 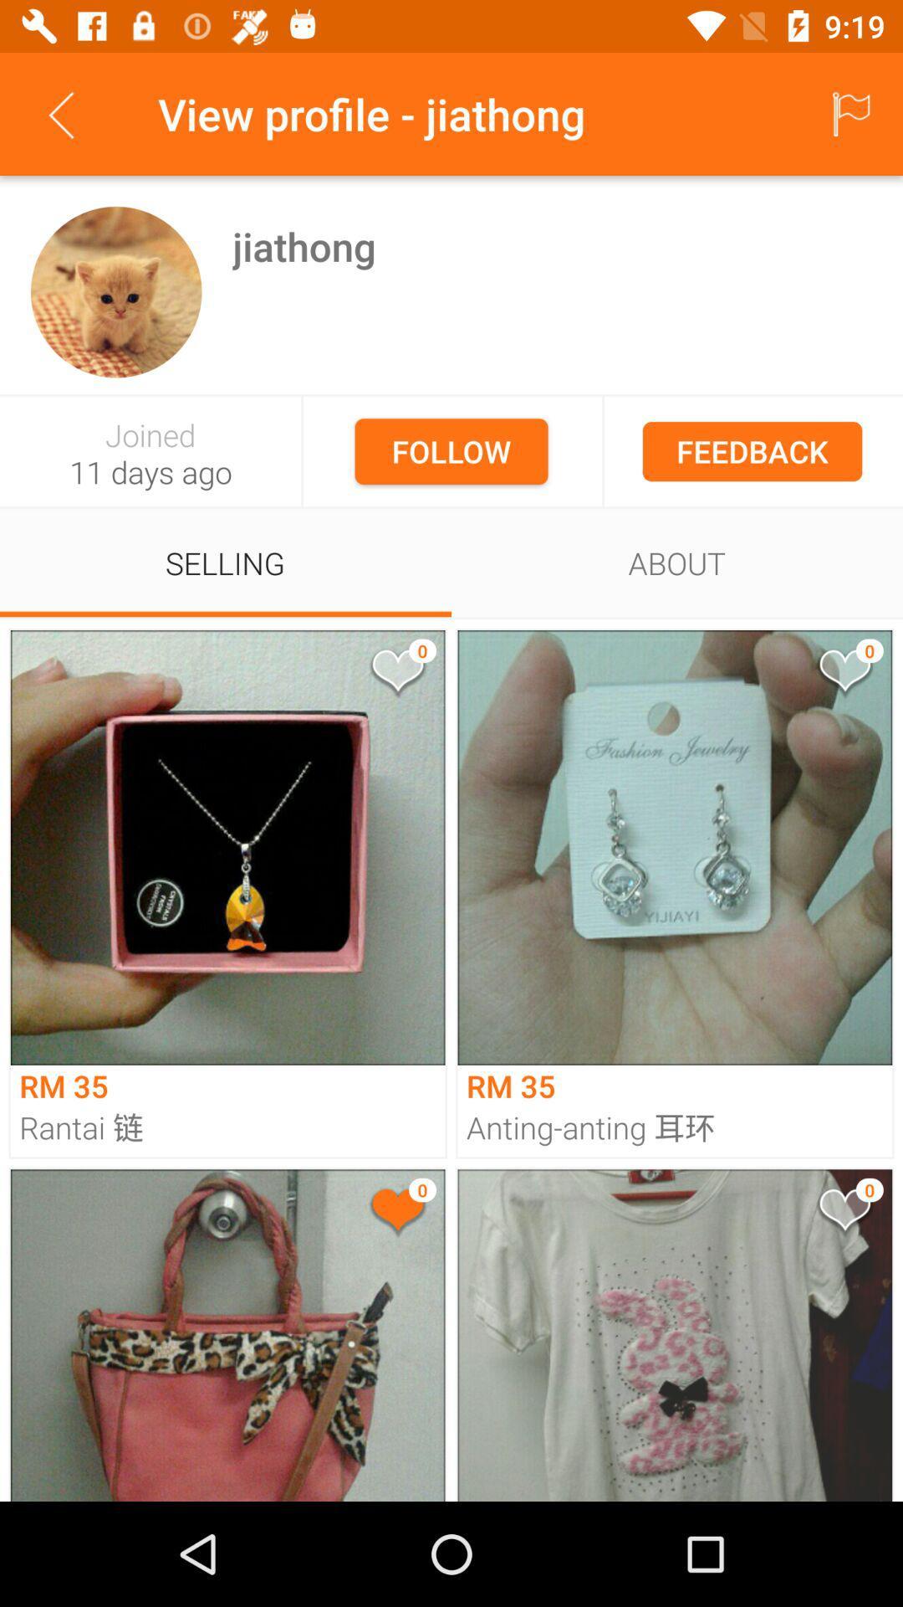 I want to click on a product for later, so click(x=844, y=1213).